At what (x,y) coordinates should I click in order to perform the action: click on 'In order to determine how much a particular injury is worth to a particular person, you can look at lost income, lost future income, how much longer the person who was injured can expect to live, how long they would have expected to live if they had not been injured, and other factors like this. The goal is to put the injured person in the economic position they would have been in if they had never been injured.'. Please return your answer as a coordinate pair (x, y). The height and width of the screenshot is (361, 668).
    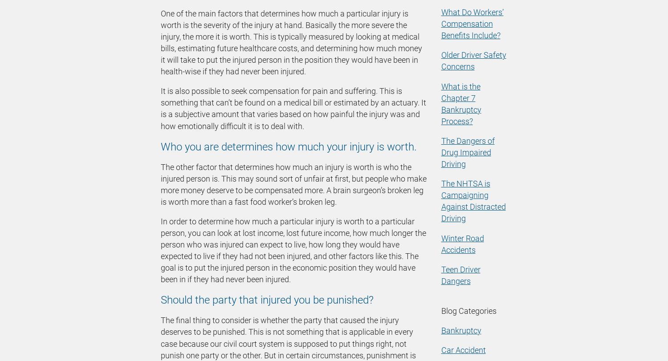
    Looking at the image, I should click on (160, 250).